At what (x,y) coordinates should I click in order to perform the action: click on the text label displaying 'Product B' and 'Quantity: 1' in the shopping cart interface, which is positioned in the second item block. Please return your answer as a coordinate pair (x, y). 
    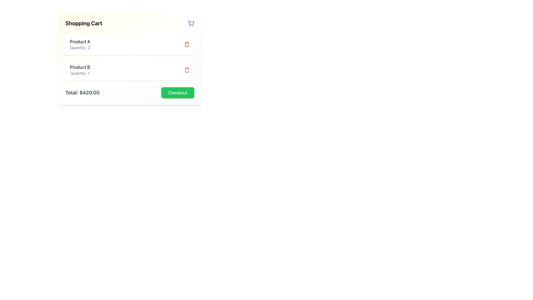
    Looking at the image, I should click on (80, 69).